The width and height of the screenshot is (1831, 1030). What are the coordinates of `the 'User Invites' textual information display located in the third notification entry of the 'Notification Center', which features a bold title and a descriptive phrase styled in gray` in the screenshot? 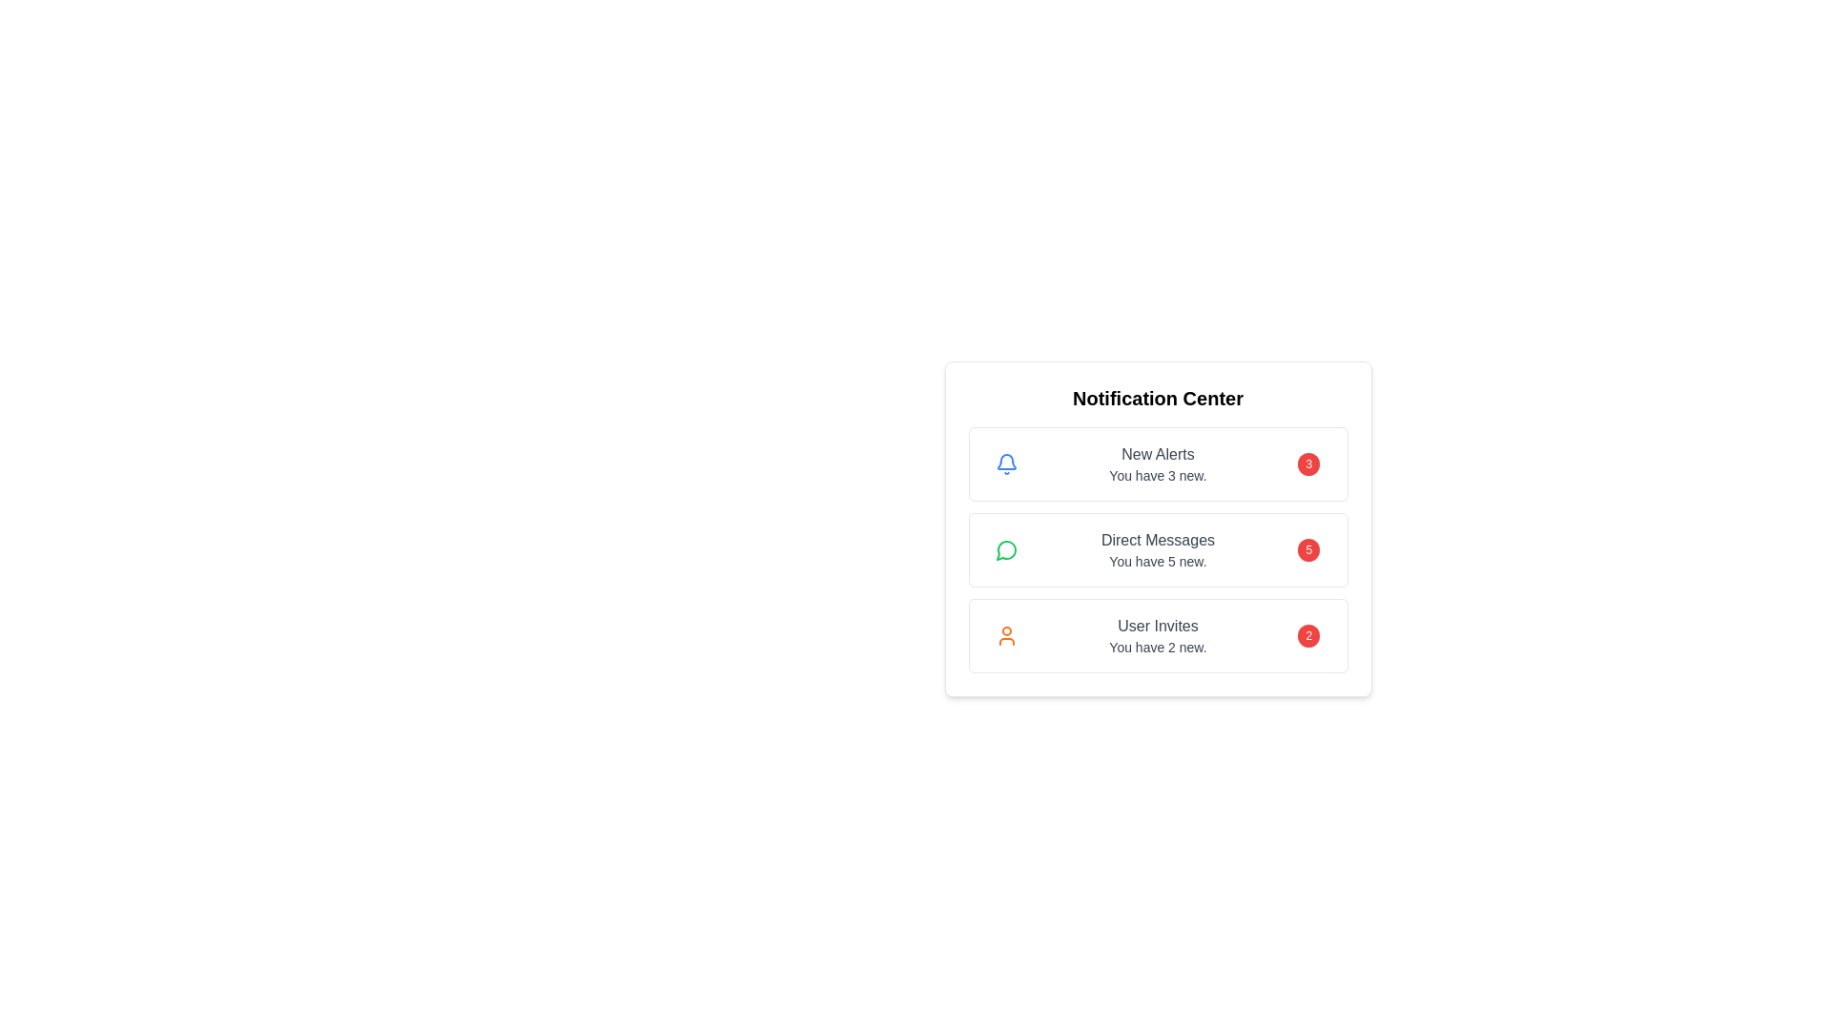 It's located at (1157, 636).